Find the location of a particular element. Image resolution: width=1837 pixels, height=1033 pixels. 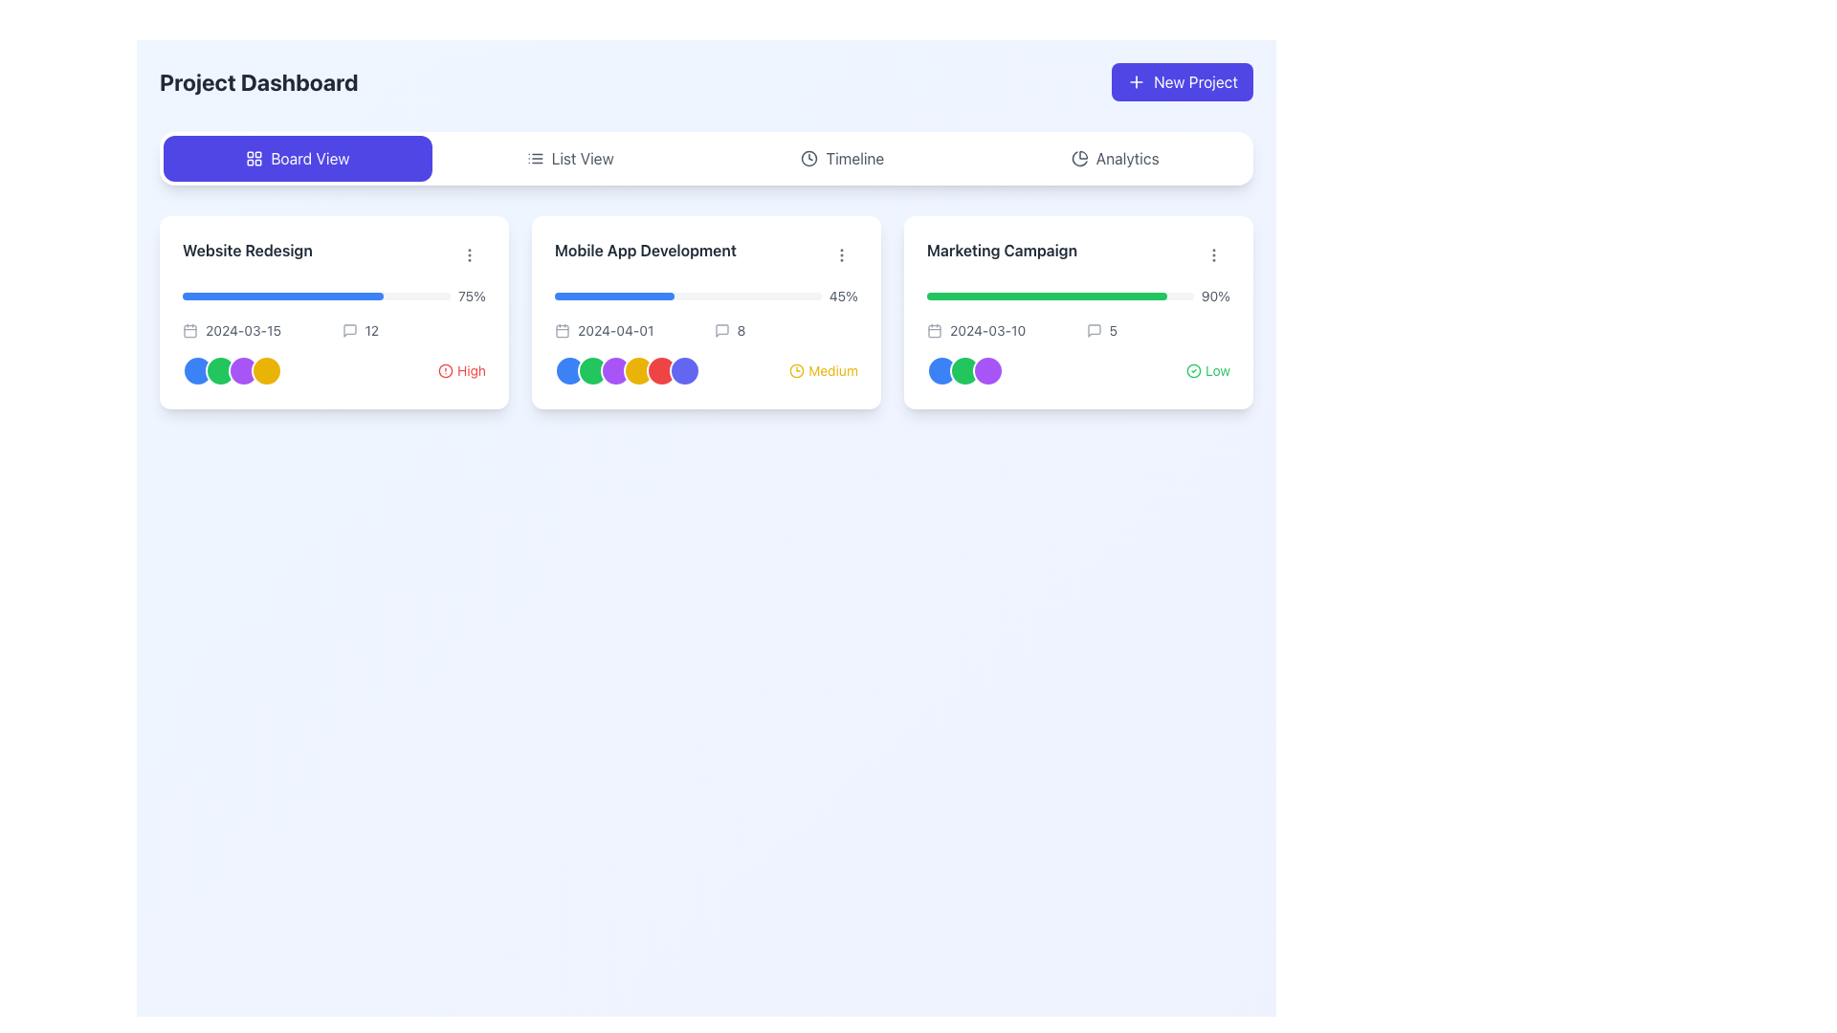

the 'Board View' icon located at the top left section of the interface within the navigation bar is located at coordinates (254, 157).